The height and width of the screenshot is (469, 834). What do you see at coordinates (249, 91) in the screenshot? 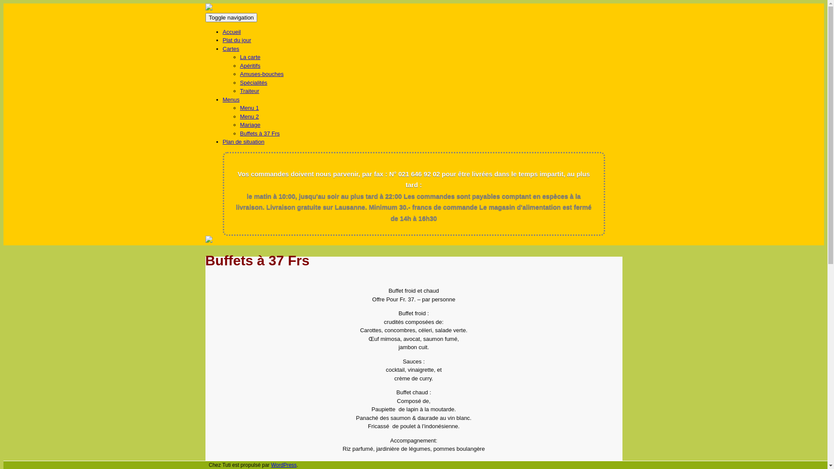
I see `'Traiteur'` at bounding box center [249, 91].